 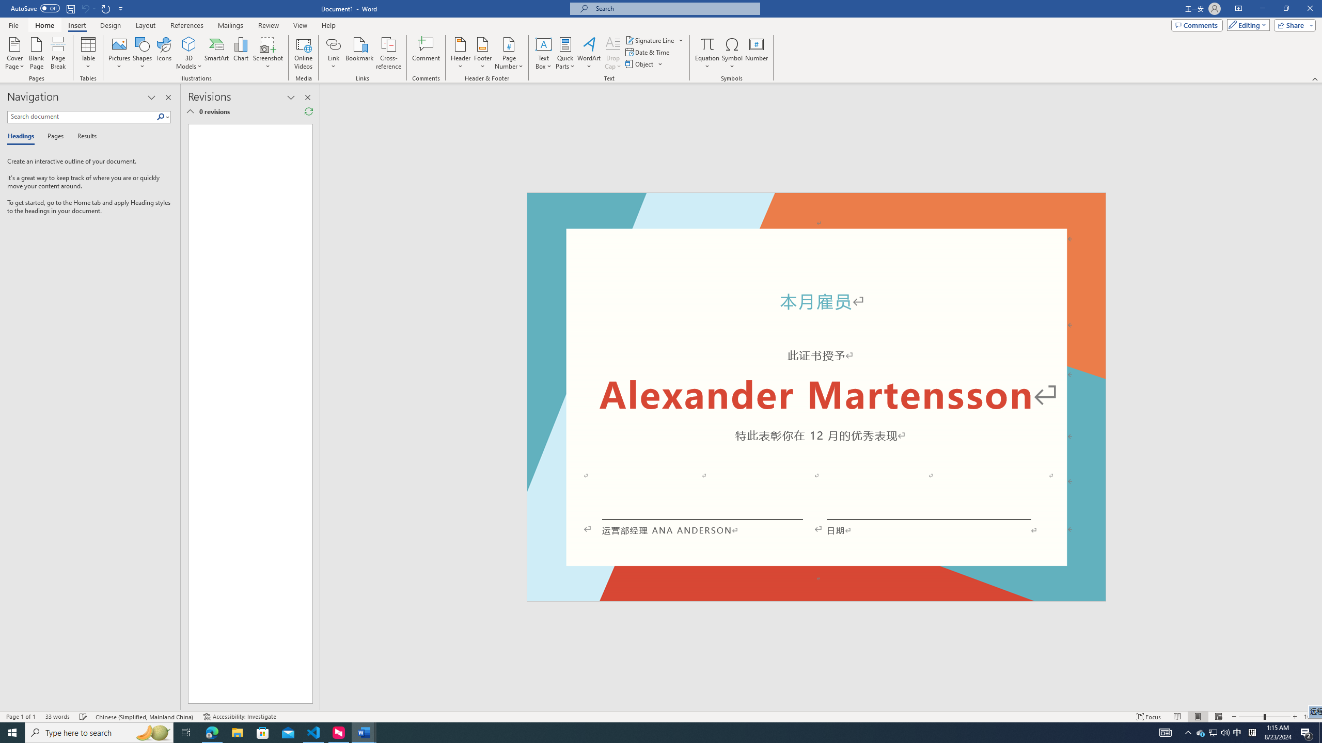 What do you see at coordinates (648, 51) in the screenshot?
I see `'Date & Time...'` at bounding box center [648, 51].